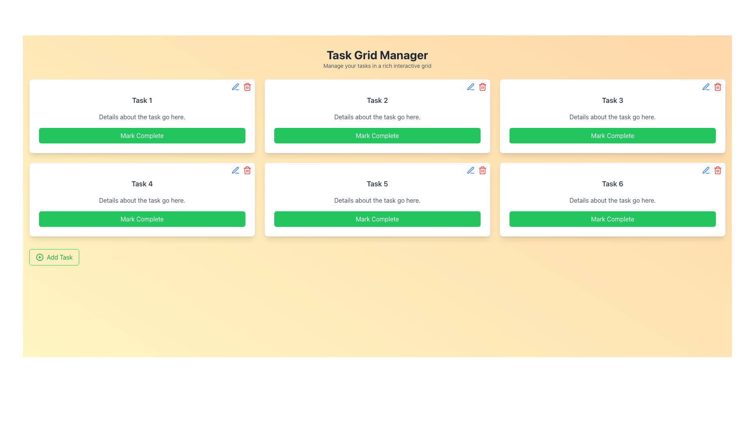 The image size is (749, 421). Describe the element at coordinates (612, 200) in the screenshot. I see `the text displayed in the centered Text Label within the sixth task card, which reads 'Details about the task go here.'` at that location.